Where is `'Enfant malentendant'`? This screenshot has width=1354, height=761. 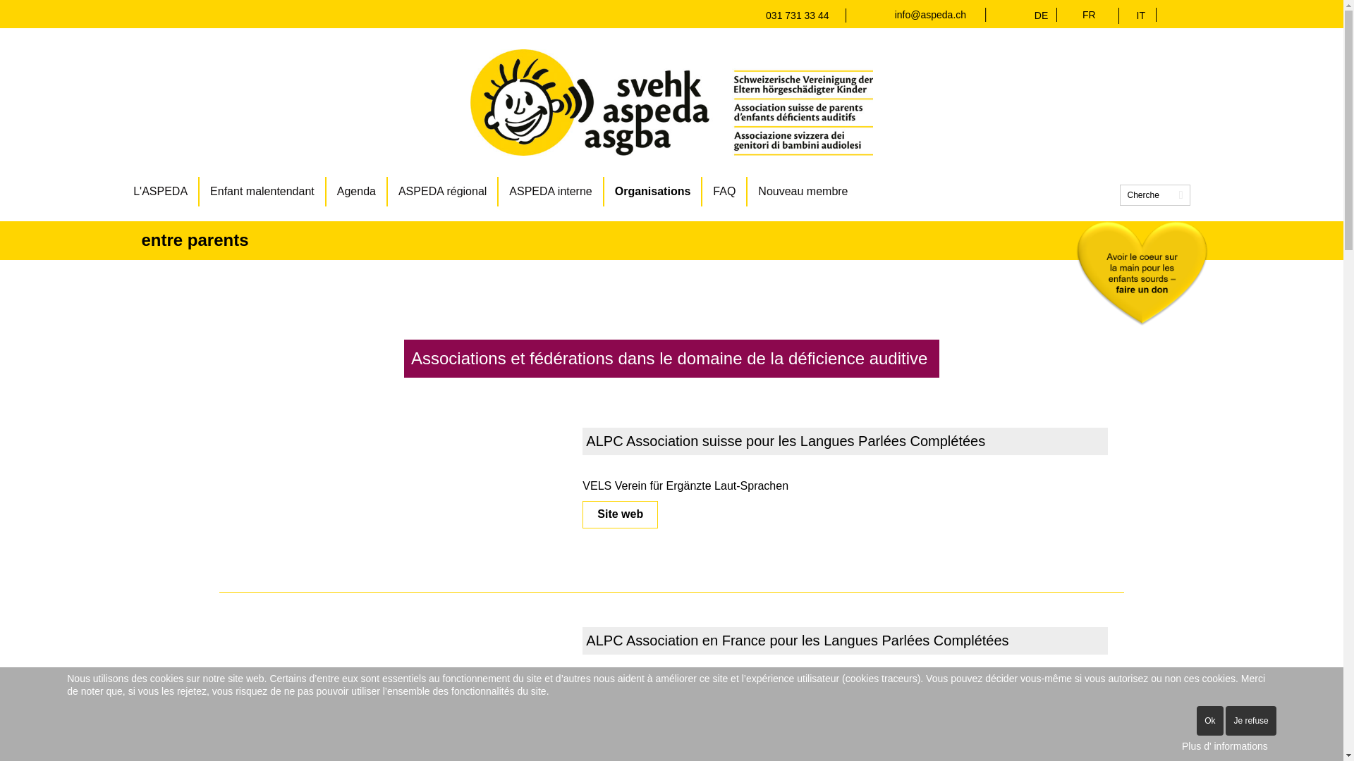
'Enfant malentendant' is located at coordinates (263, 192).